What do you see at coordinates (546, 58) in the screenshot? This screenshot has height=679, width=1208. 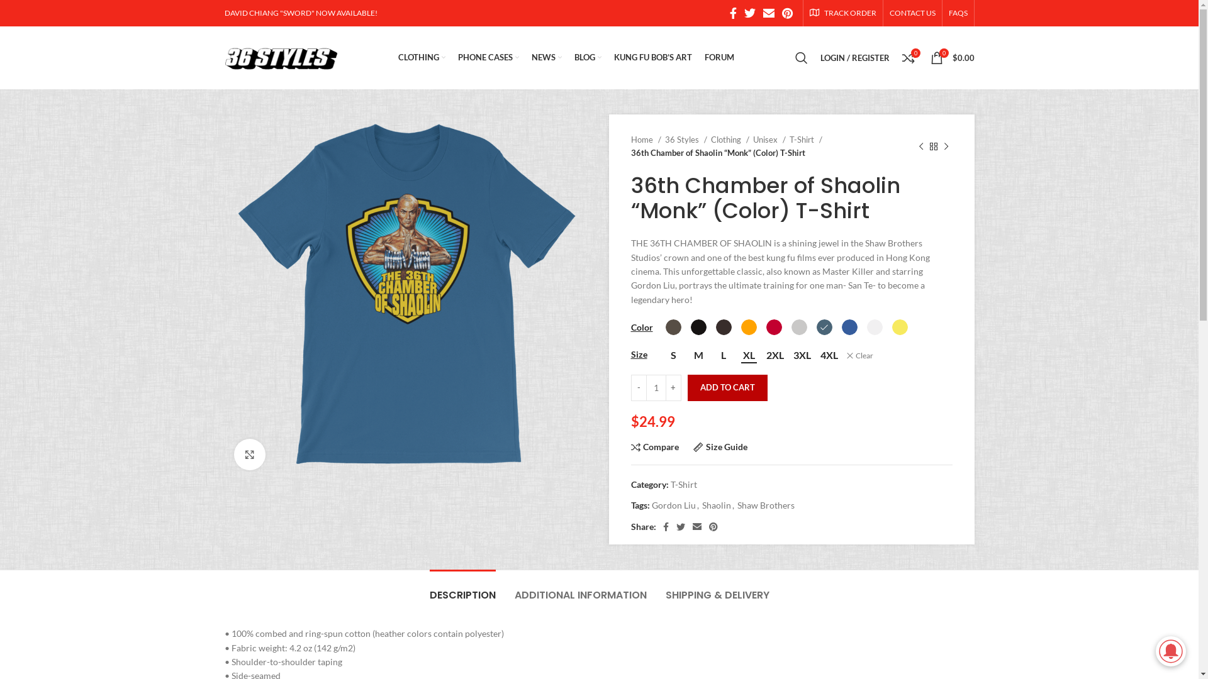 I see `'NEWS'` at bounding box center [546, 58].